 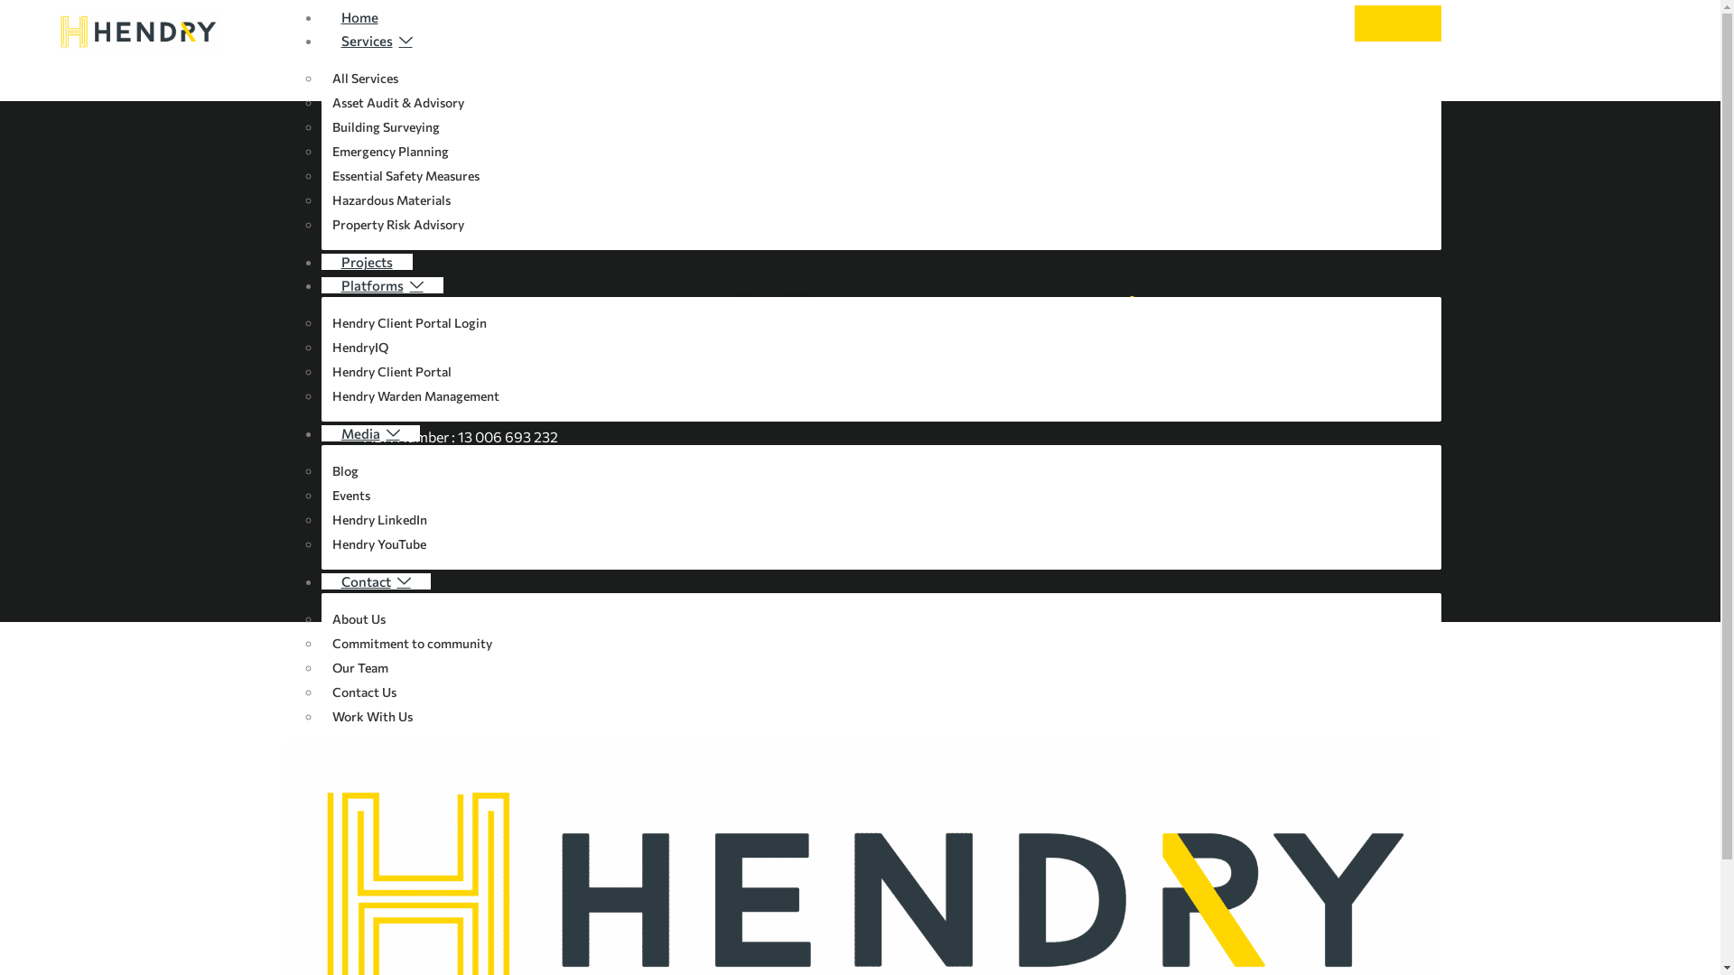 What do you see at coordinates (390, 370) in the screenshot?
I see `'Hendry Client Portal'` at bounding box center [390, 370].